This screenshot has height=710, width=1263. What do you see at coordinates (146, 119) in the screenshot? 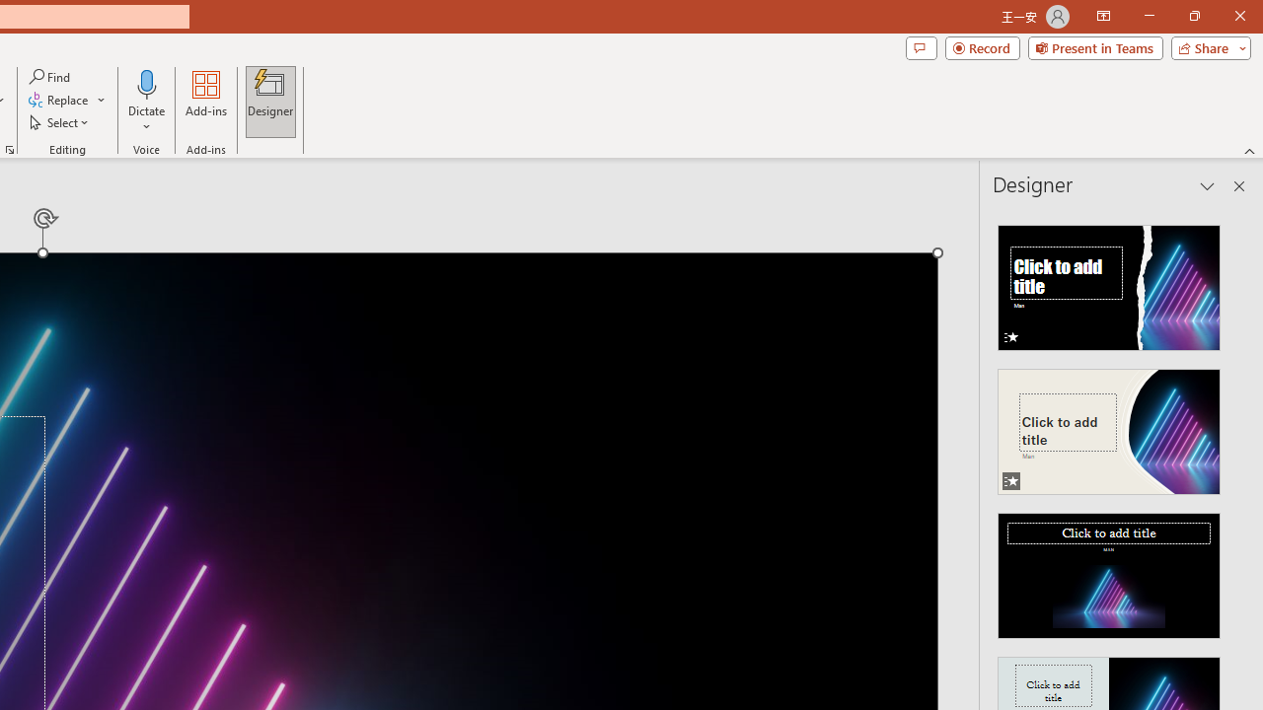
I see `'More Options'` at bounding box center [146, 119].